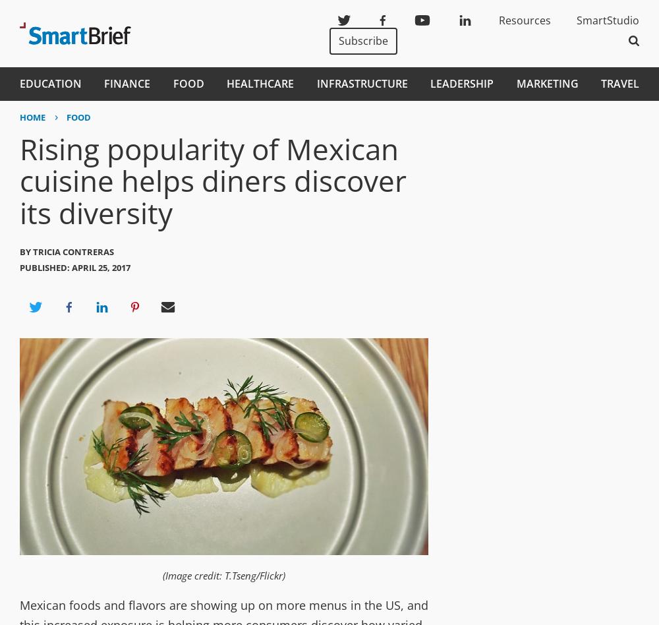  What do you see at coordinates (74, 267) in the screenshot?
I see `'Published: April 25, 2017'` at bounding box center [74, 267].